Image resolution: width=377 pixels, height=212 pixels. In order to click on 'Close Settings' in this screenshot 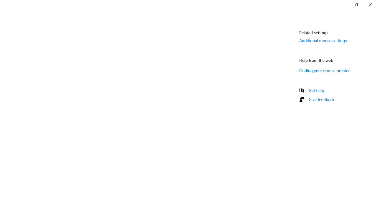, I will do `click(370, 4)`.